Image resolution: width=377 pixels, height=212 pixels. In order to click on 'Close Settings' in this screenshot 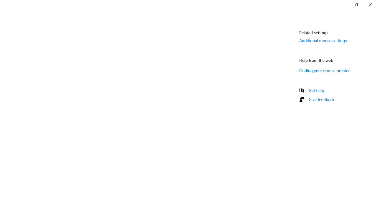, I will do `click(370, 4)`.